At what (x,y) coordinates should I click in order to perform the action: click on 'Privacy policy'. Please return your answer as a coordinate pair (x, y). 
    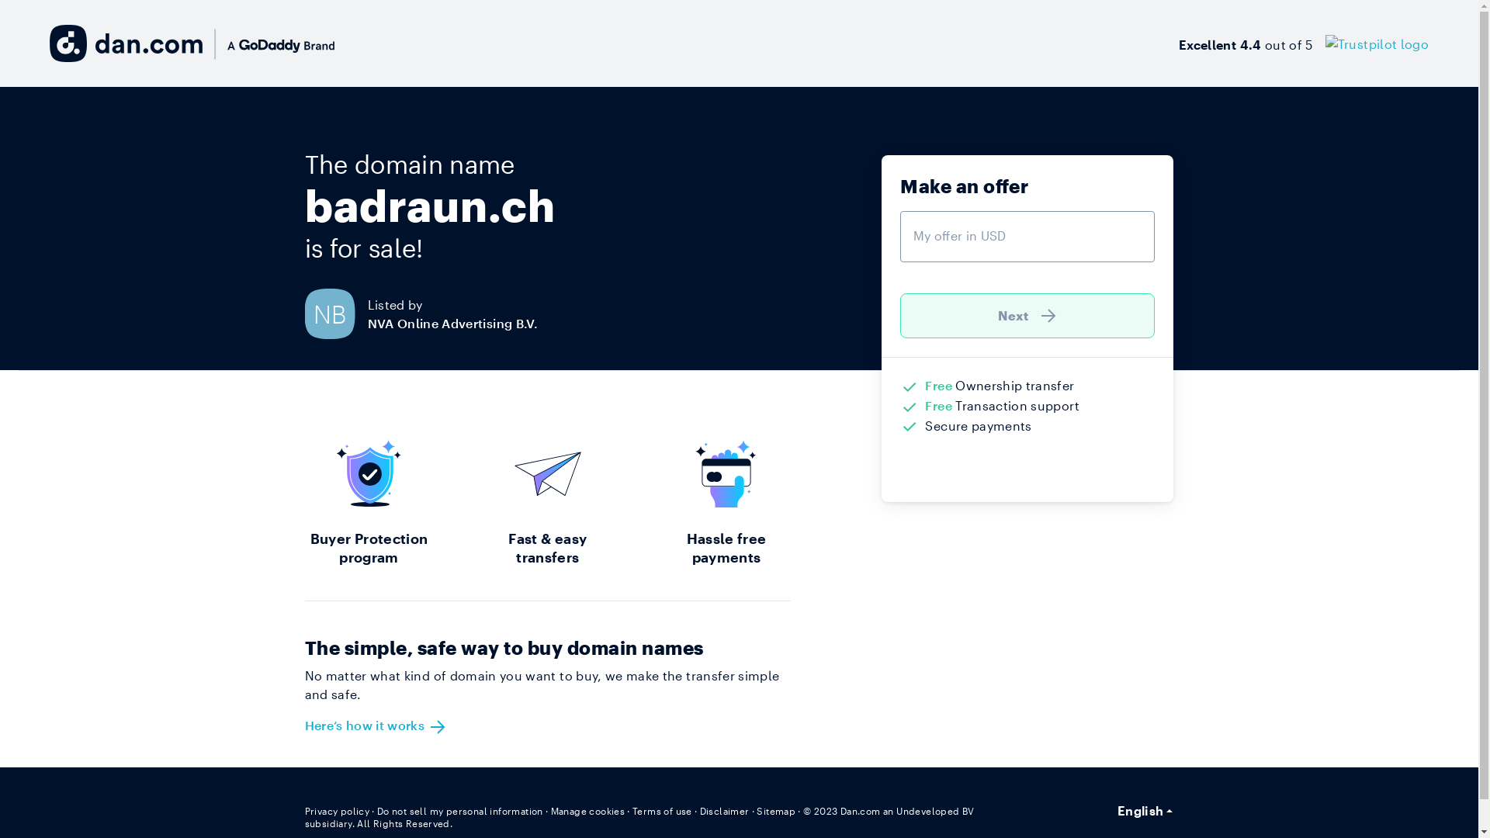
    Looking at the image, I should click on (335, 810).